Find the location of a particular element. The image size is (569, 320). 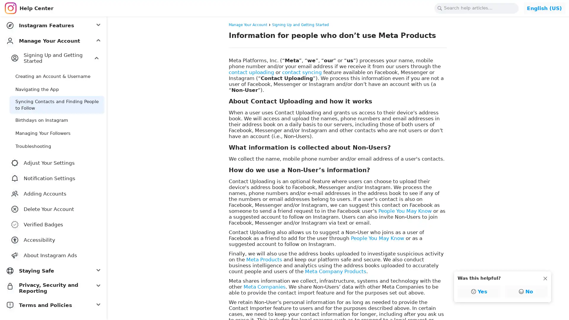

No is located at coordinates (526, 291).